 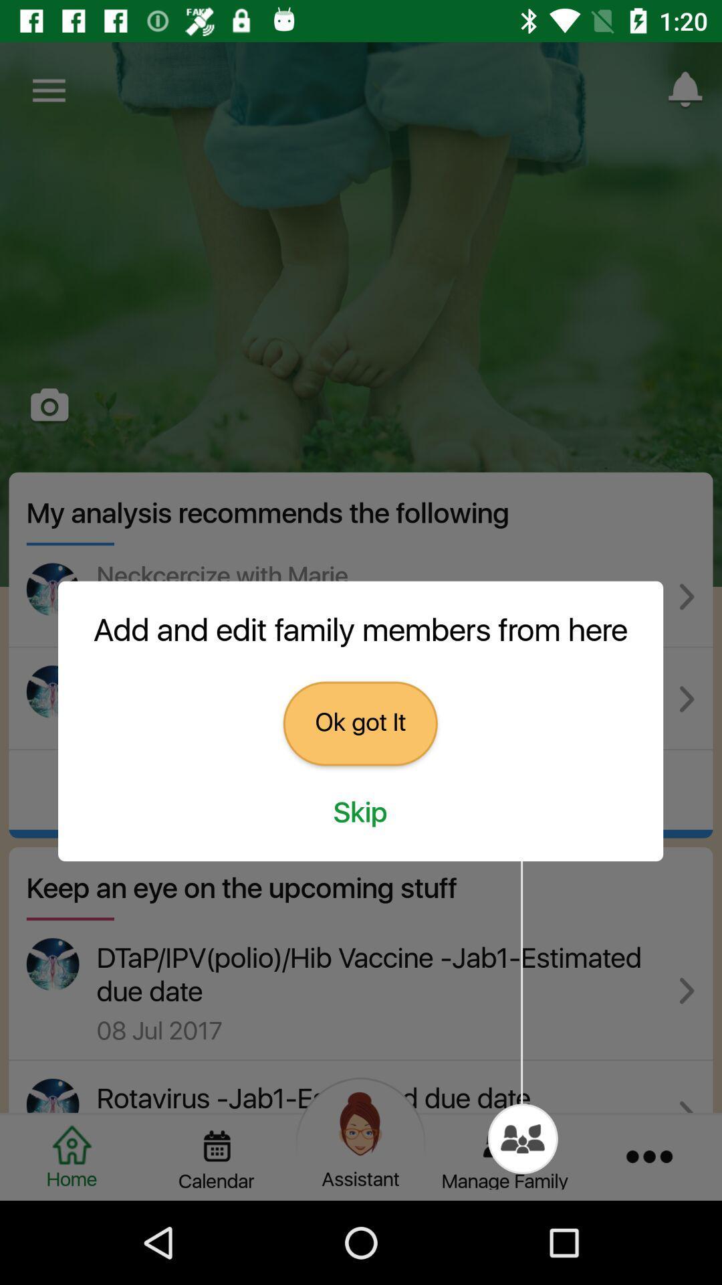 What do you see at coordinates (360, 812) in the screenshot?
I see `the skip` at bounding box center [360, 812].